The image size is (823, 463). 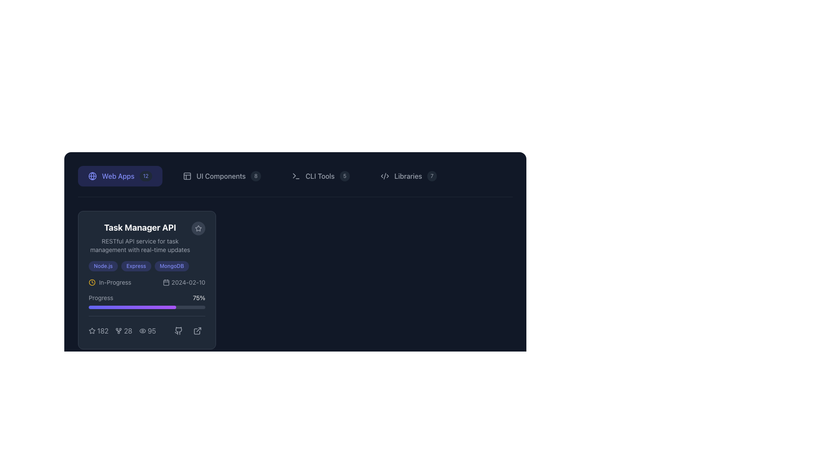 I want to click on the progress percentage visually on the progress bar located in the bottom section of the 'Task Manager API' card, which shows 75% completion, so click(x=147, y=307).